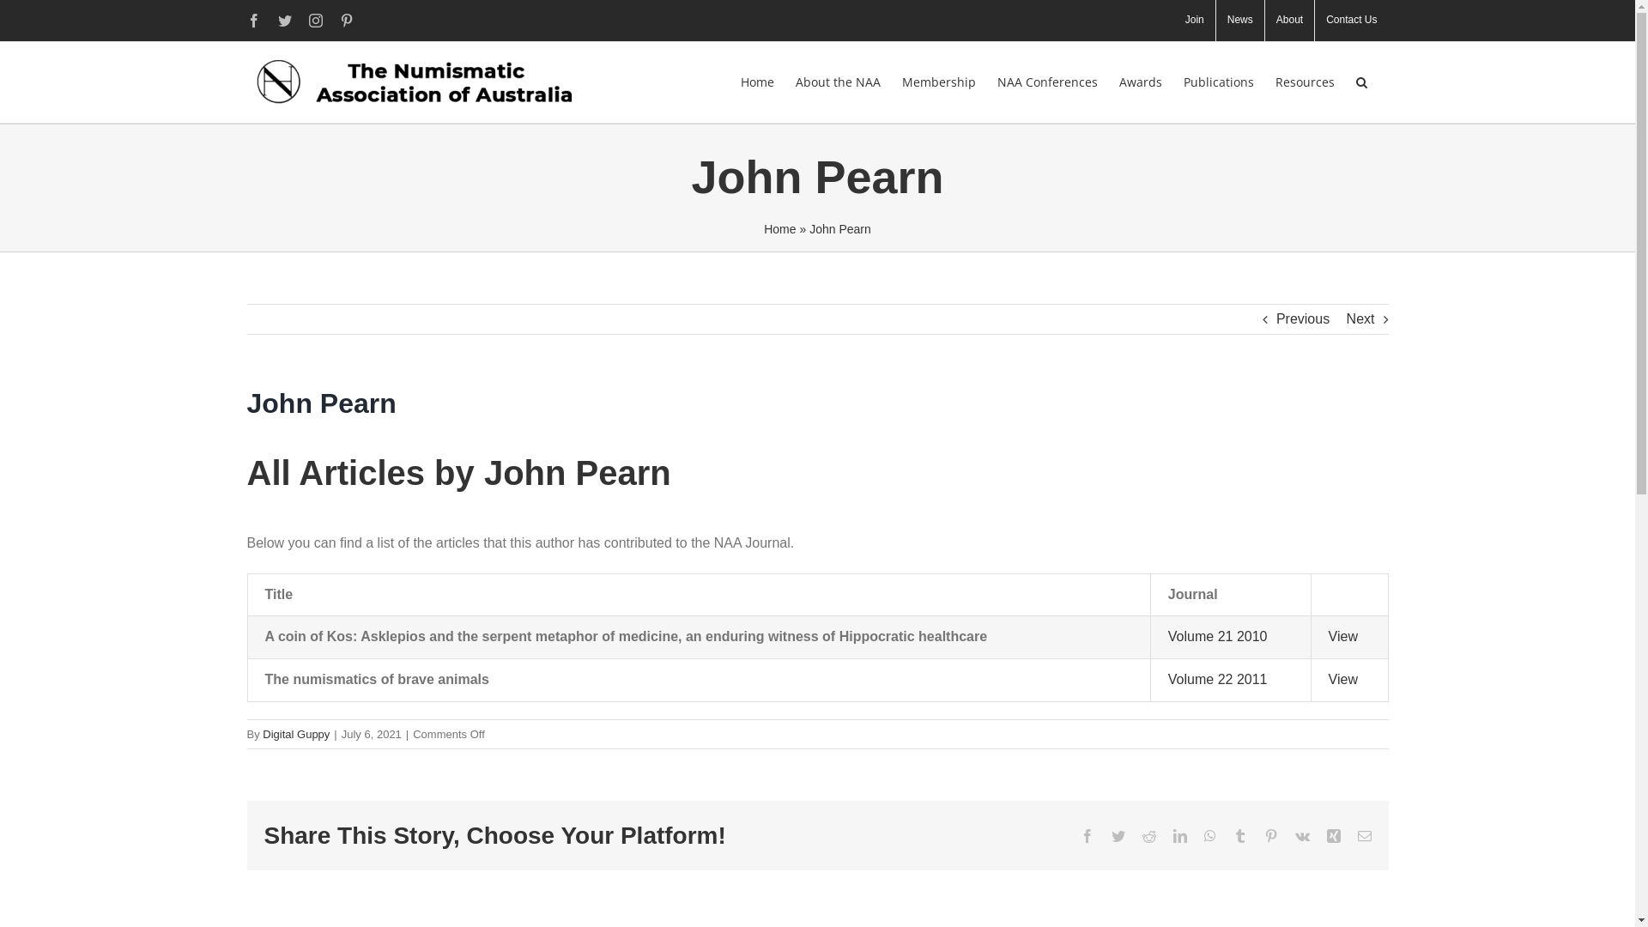 The height and width of the screenshot is (927, 1648). I want to click on 'Awards', so click(1141, 82).